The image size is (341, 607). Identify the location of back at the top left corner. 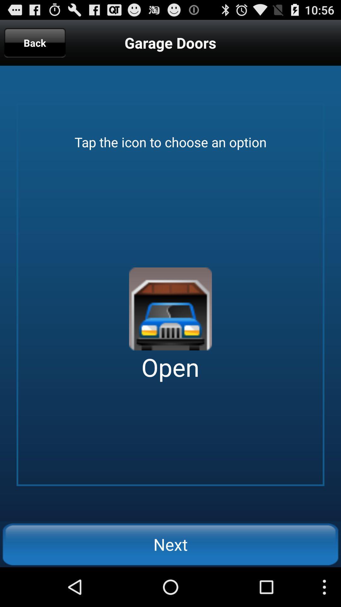
(35, 42).